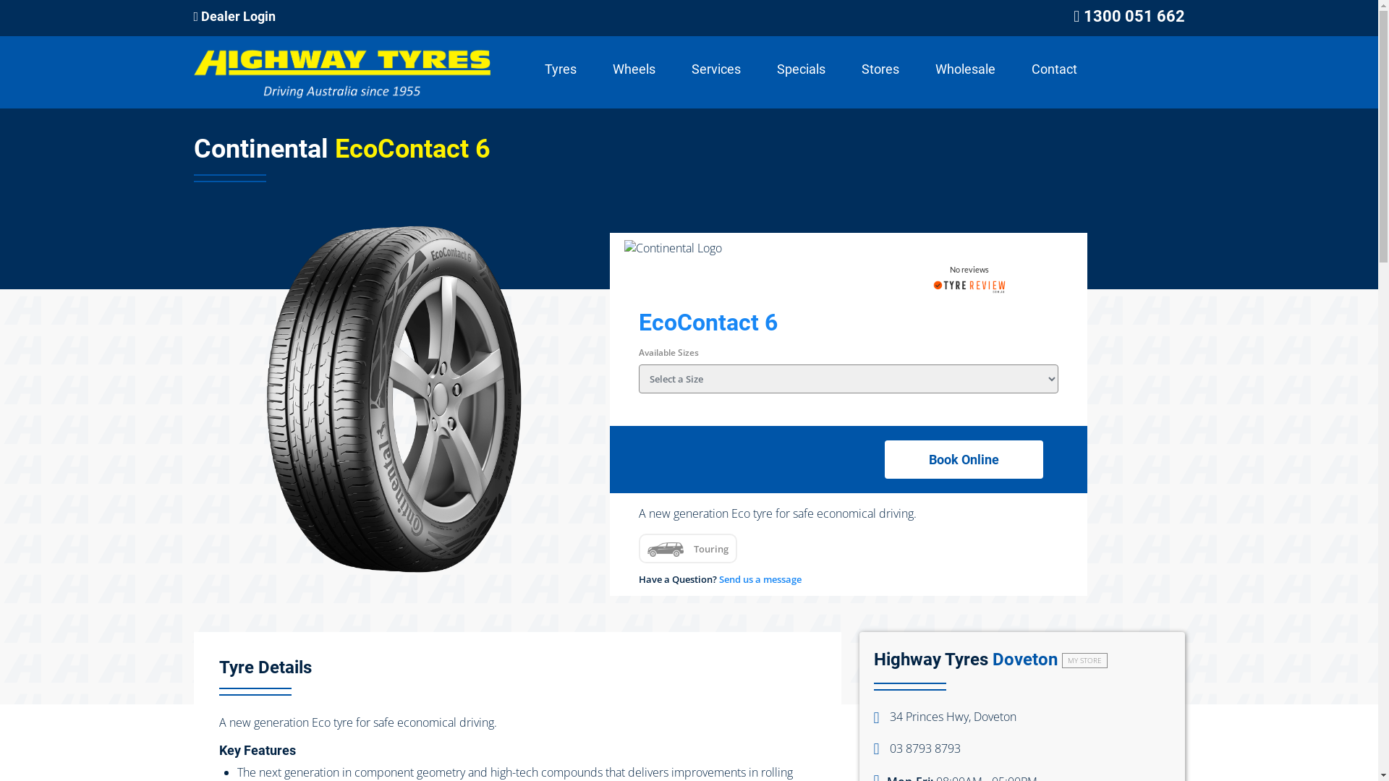  Describe the element at coordinates (193, 16) in the screenshot. I see `'Dealer Login'` at that location.